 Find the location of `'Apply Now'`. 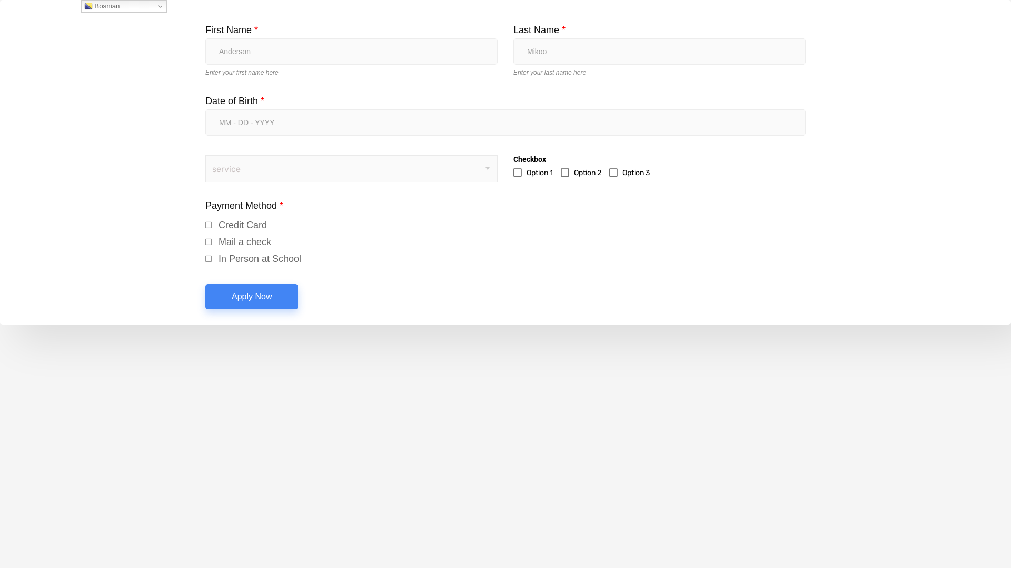

'Apply Now' is located at coordinates (251, 296).